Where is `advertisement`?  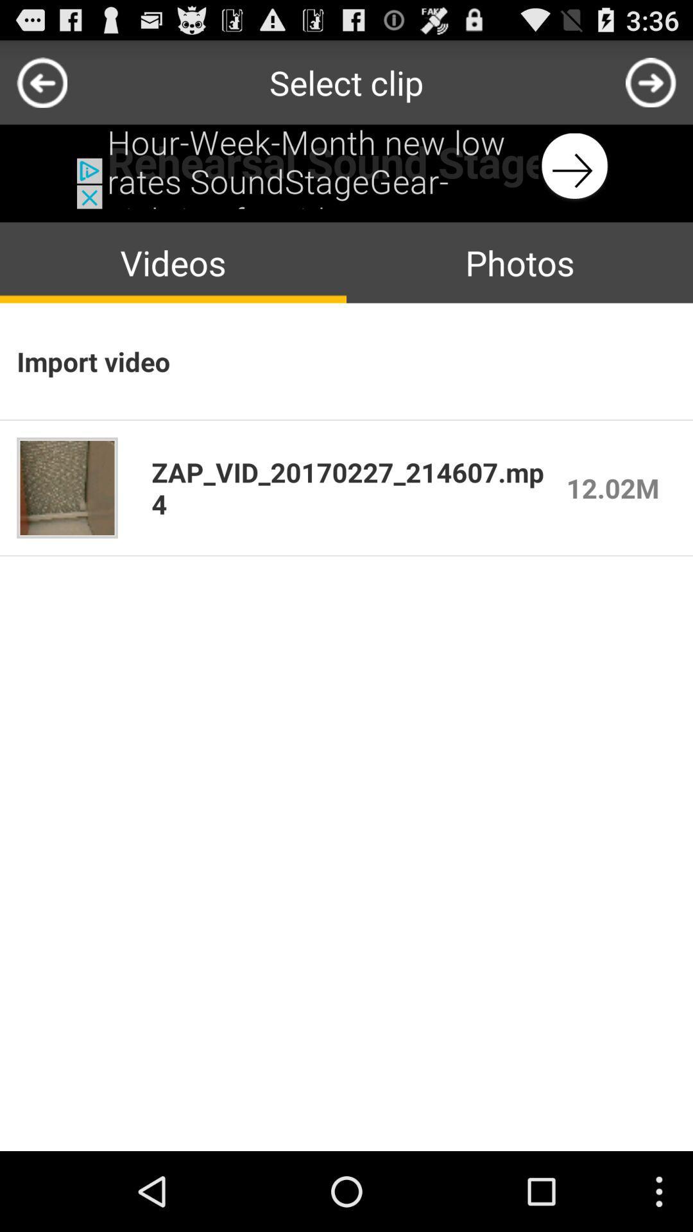 advertisement is located at coordinates (346, 166).